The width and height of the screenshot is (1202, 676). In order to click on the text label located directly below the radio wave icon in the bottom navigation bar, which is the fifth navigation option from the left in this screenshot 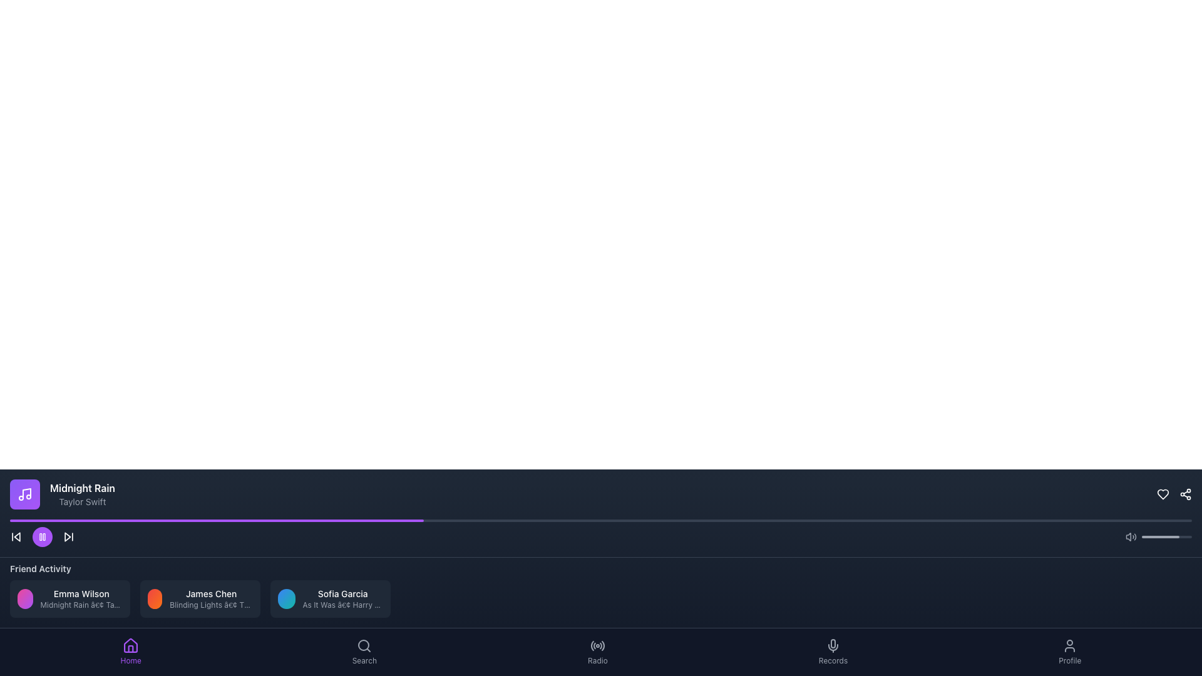, I will do `click(597, 660)`.